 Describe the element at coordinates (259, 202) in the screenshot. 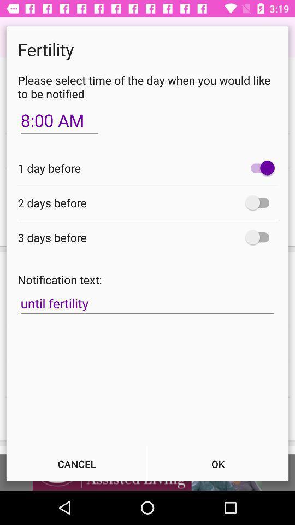

I see `option` at that location.